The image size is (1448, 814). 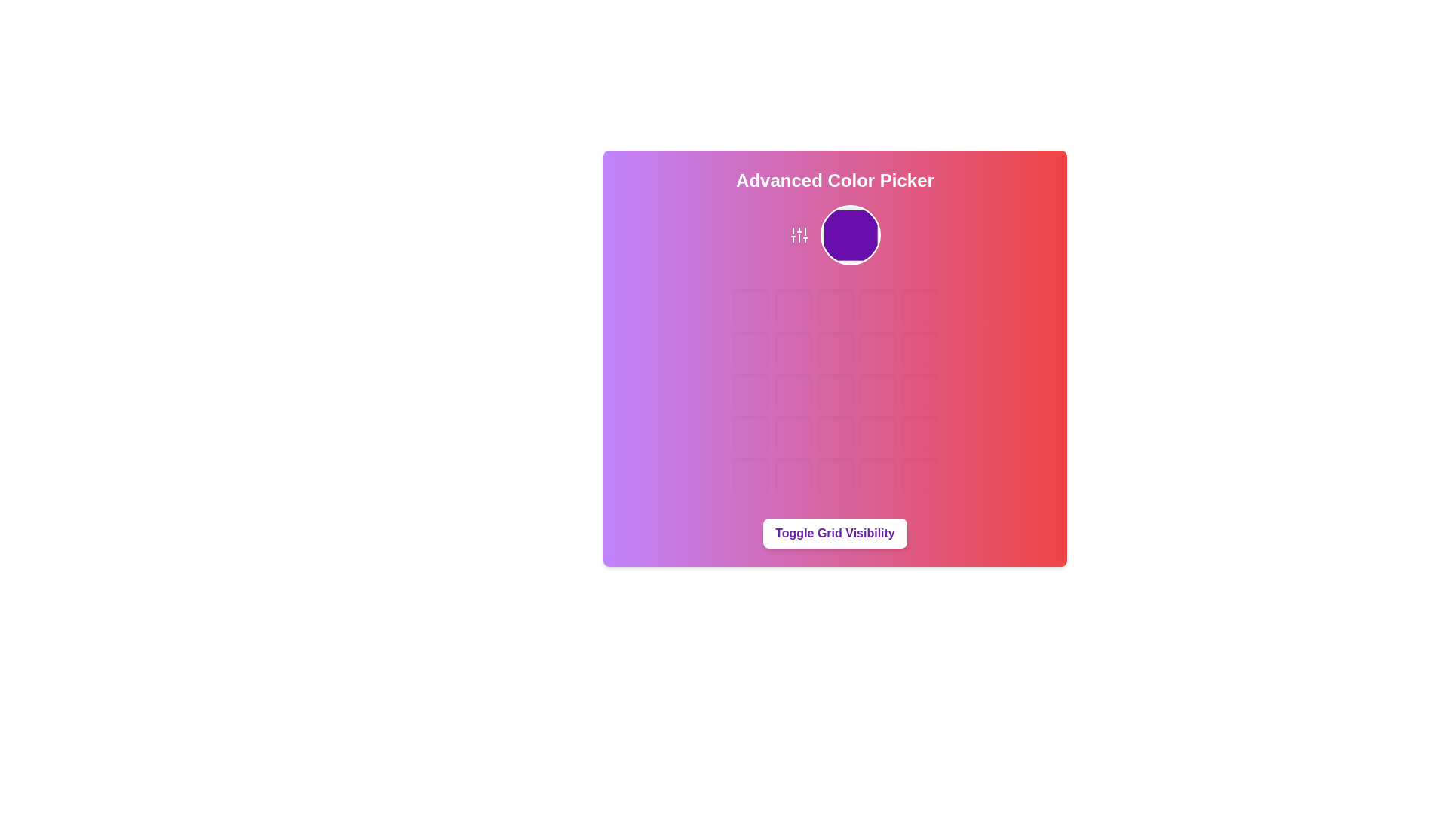 What do you see at coordinates (919, 391) in the screenshot?
I see `the fifth cell in the third row of the grid` at bounding box center [919, 391].